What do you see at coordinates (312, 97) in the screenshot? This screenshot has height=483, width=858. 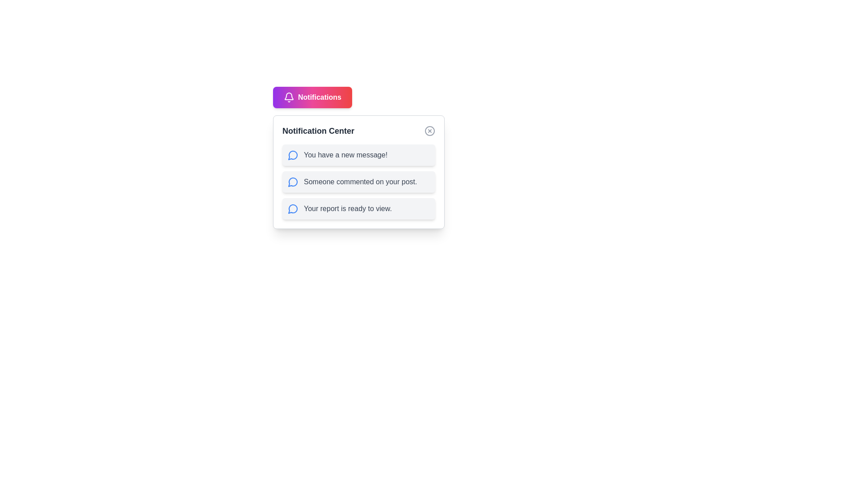 I see `the notification toggle button located at the top-left of the interface` at bounding box center [312, 97].